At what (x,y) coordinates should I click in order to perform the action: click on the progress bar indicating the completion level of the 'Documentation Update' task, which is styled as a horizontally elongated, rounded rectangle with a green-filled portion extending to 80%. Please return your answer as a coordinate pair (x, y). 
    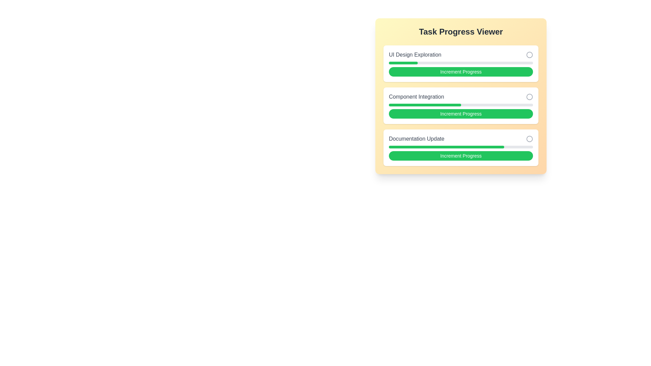
    Looking at the image, I should click on (461, 147).